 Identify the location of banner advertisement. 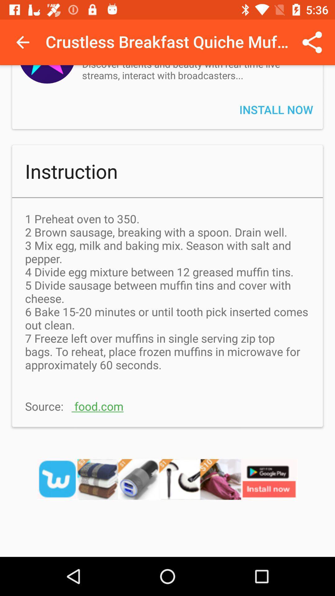
(167, 487).